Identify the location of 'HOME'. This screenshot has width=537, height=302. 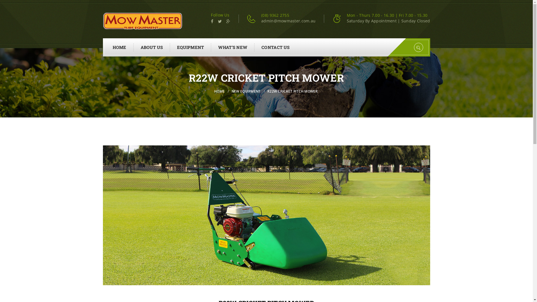
(214, 91).